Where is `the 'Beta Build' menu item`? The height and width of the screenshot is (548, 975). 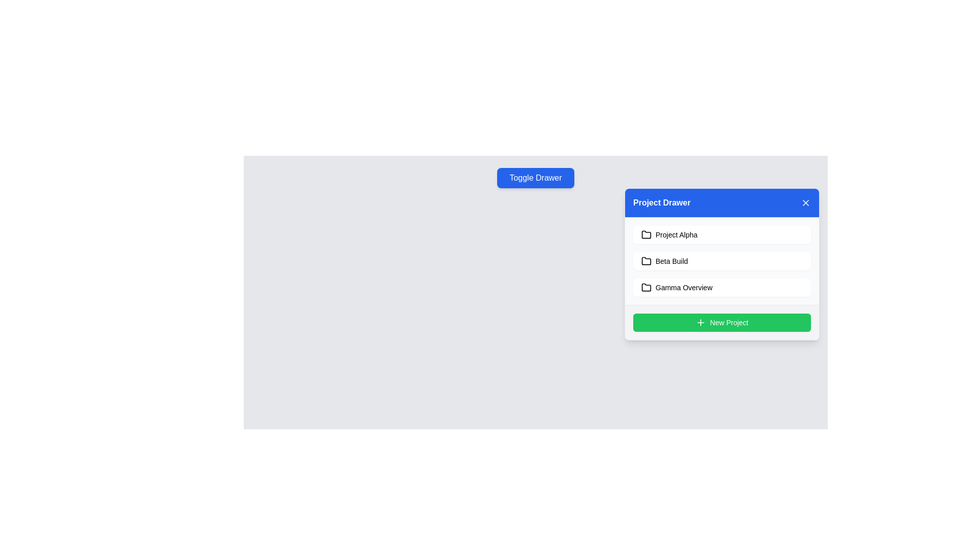 the 'Beta Build' menu item is located at coordinates (721, 263).